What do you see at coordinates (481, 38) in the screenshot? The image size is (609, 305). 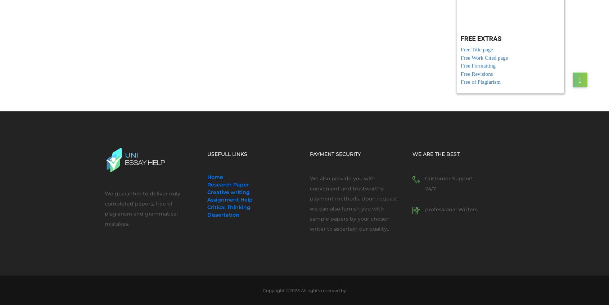 I see `'FREE EXTRAS'` at bounding box center [481, 38].